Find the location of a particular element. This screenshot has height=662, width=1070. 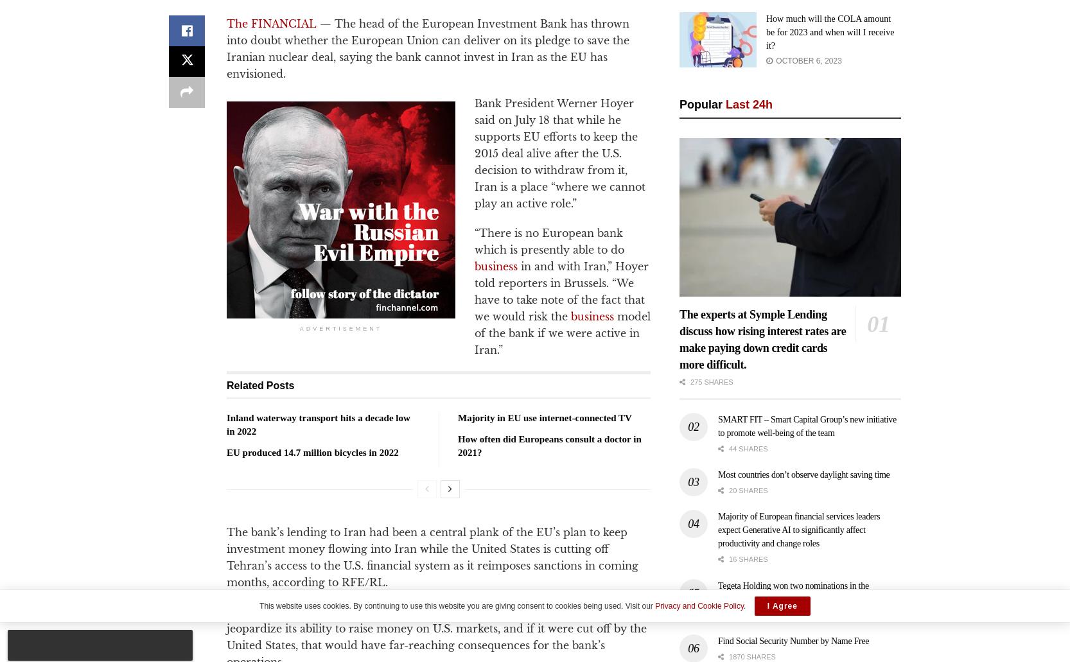

'275 shares' is located at coordinates (710, 380).